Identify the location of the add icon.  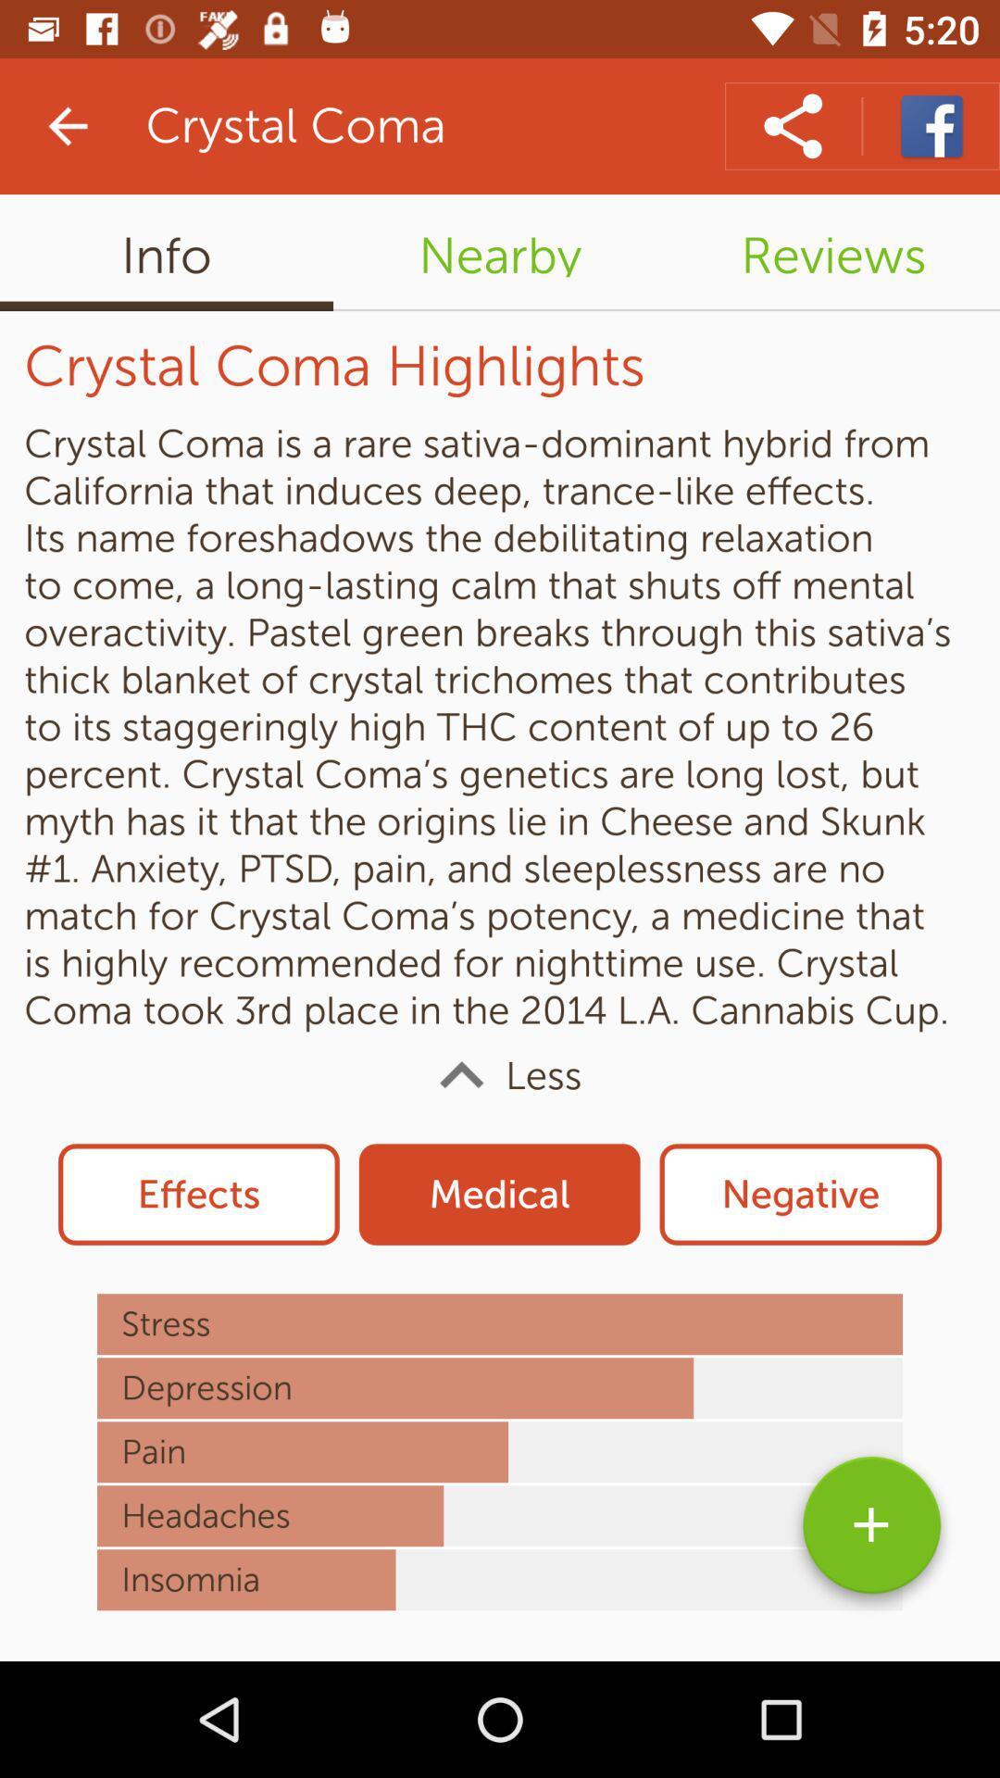
(871, 1532).